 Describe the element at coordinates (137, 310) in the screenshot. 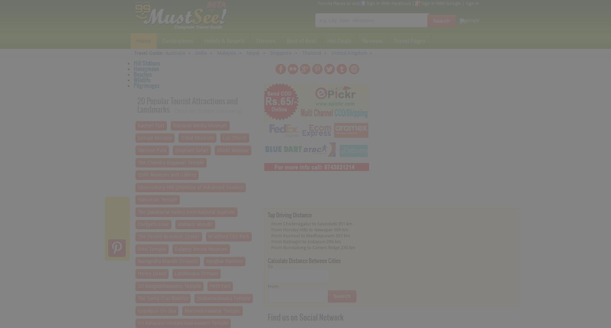

I see `'Gopalpur-On-Sea'` at that location.